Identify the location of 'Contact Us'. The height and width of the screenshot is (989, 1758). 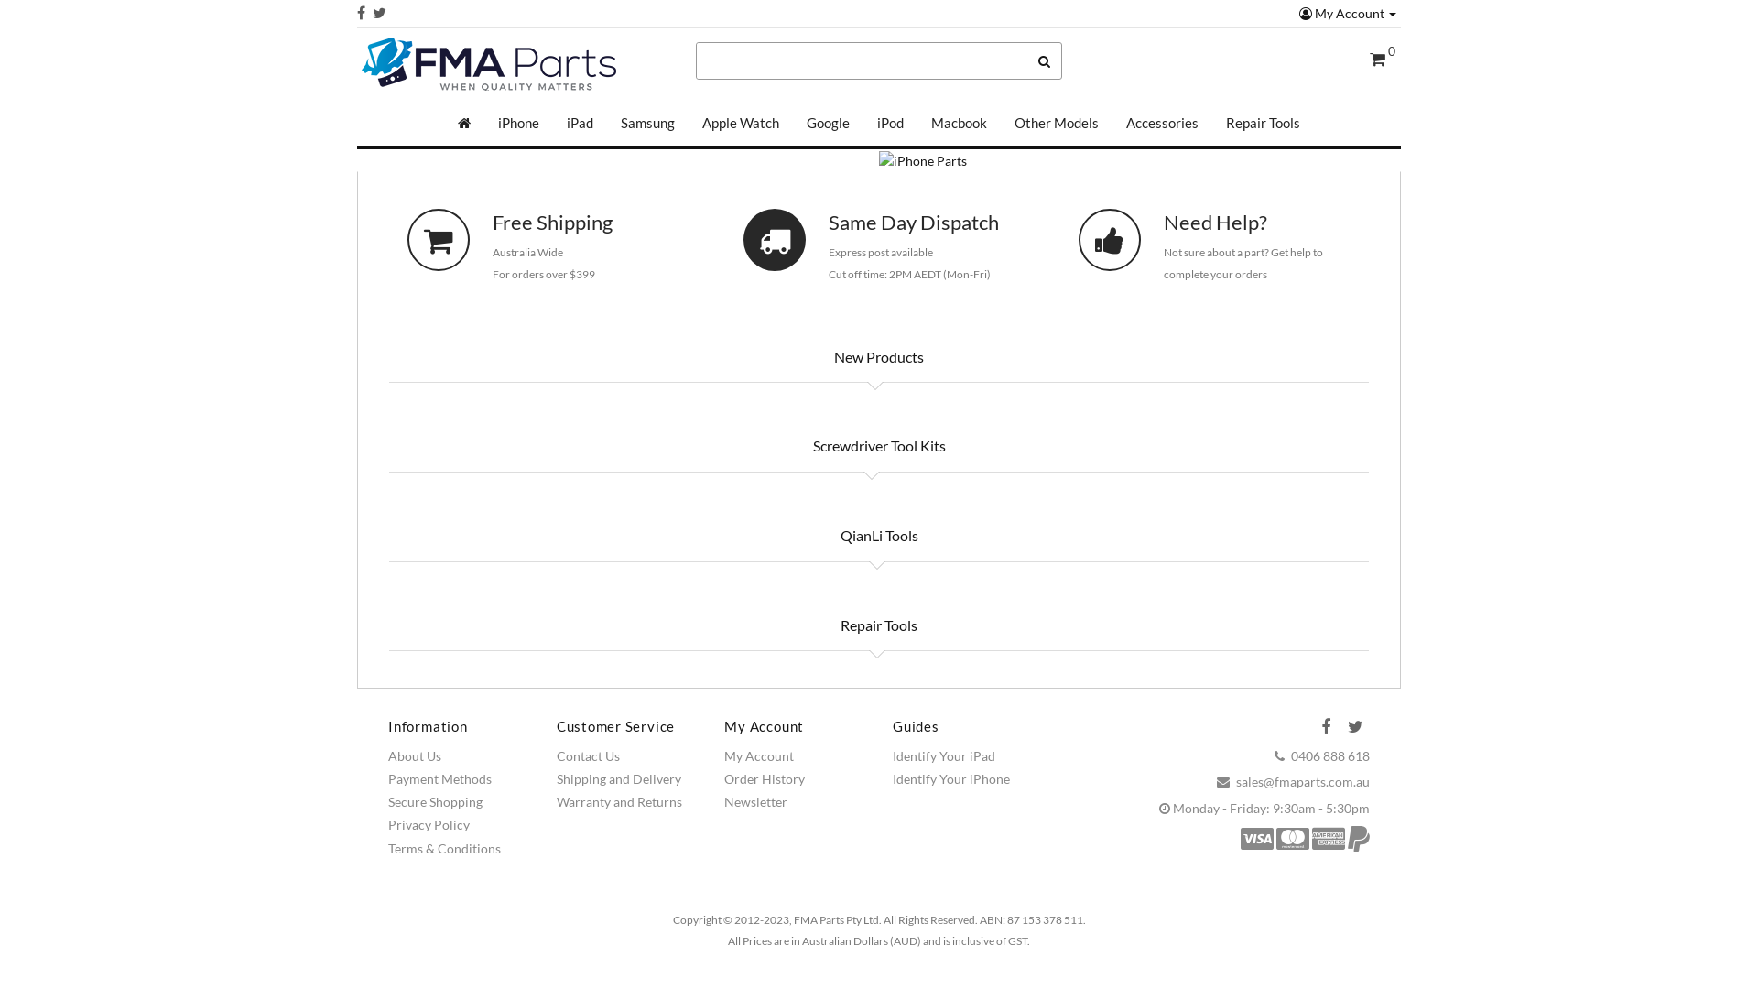
(588, 755).